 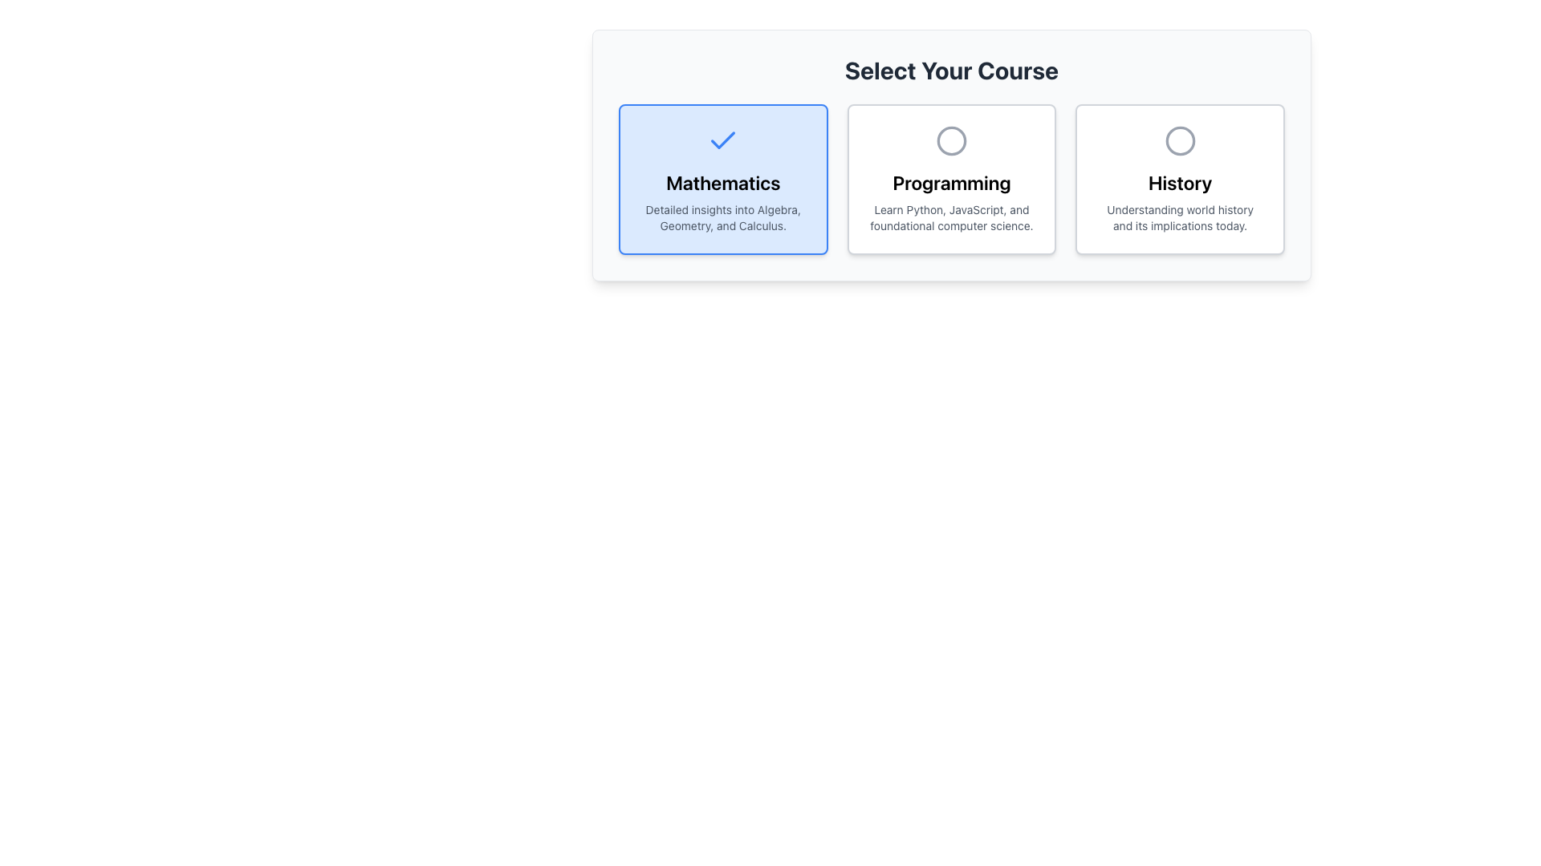 What do you see at coordinates (722, 218) in the screenshot?
I see `the text display stating 'Detailed insights into Algebra, Geometry, and Calculus.' located within the blue and white card labeled 'Mathematics'` at bounding box center [722, 218].